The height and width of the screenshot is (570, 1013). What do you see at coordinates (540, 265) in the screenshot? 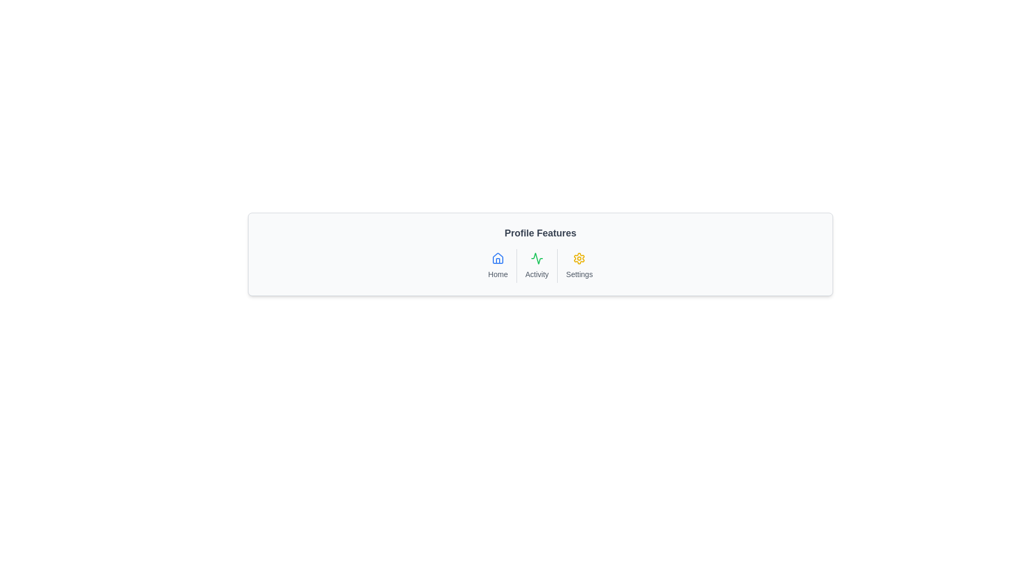
I see `the navigation menu bar located below the 'Profile Features' title` at bounding box center [540, 265].